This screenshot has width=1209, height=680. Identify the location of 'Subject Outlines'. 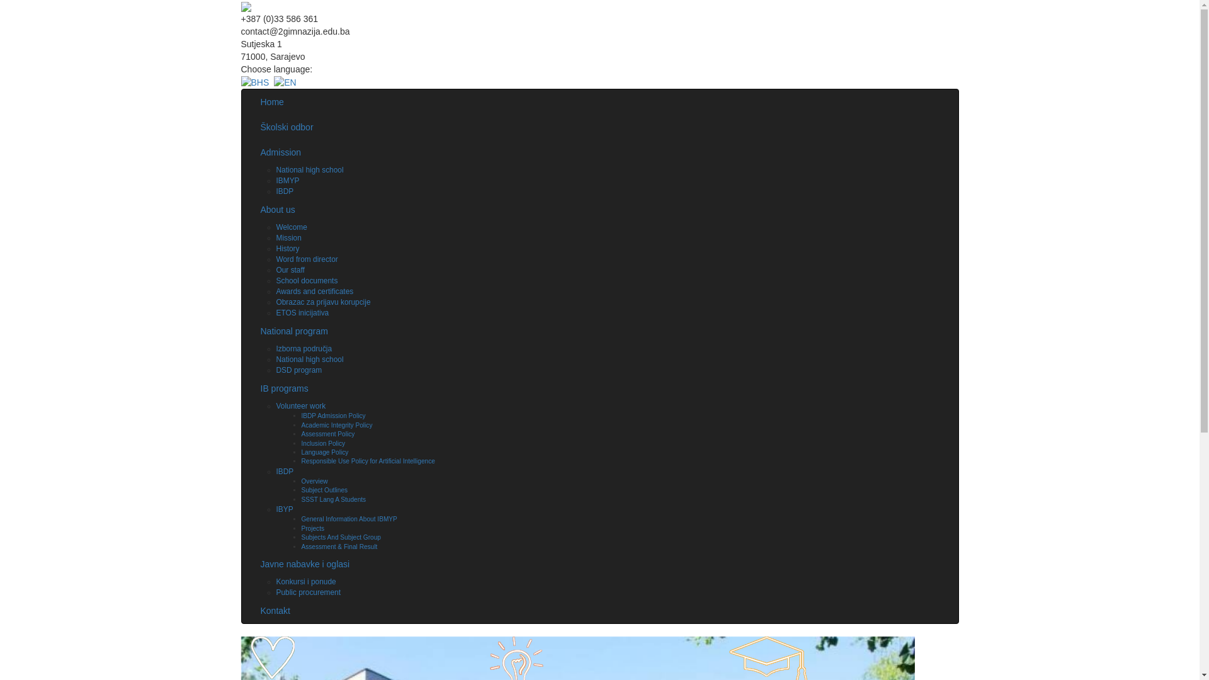
(324, 489).